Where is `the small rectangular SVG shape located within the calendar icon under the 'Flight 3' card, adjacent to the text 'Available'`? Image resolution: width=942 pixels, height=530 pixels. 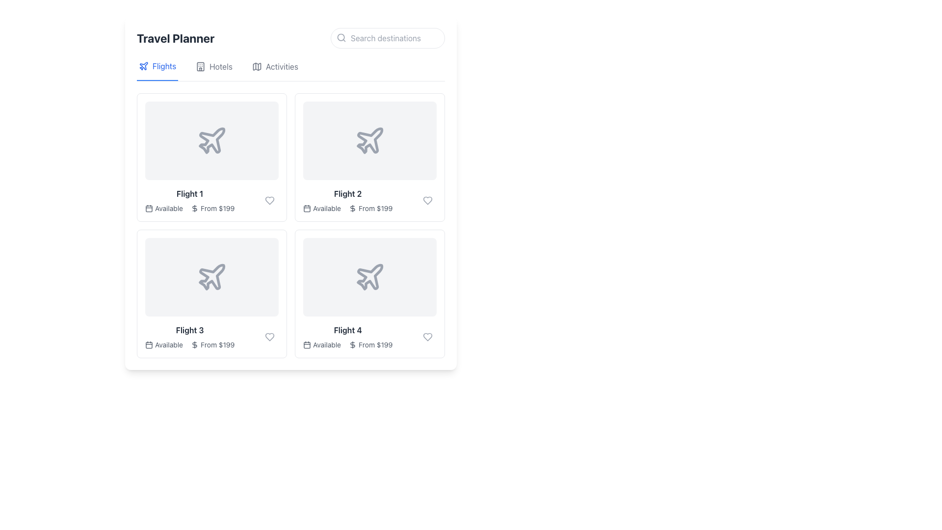 the small rectangular SVG shape located within the calendar icon under the 'Flight 3' card, adjacent to the text 'Available' is located at coordinates (148, 344).